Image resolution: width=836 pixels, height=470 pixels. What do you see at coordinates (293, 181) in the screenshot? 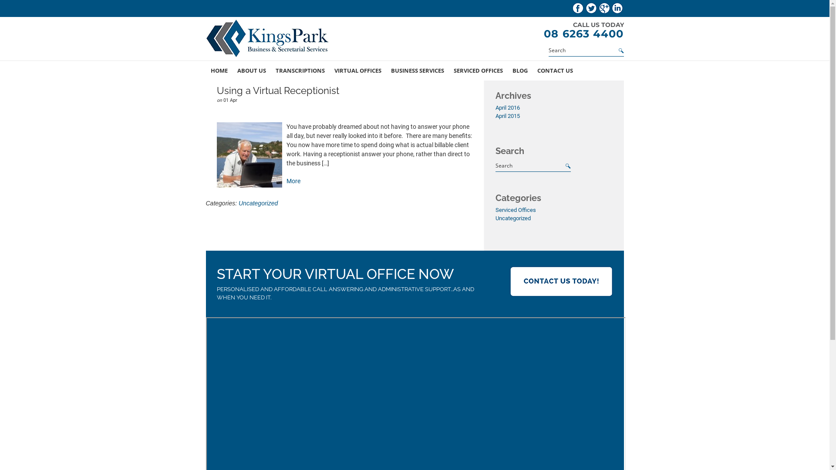
I see `'More'` at bounding box center [293, 181].